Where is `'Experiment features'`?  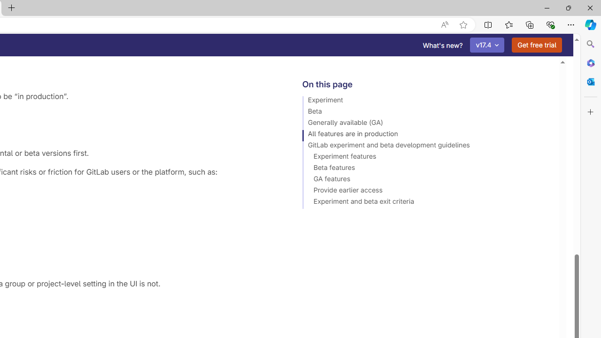
'Experiment features' is located at coordinates (426, 157).